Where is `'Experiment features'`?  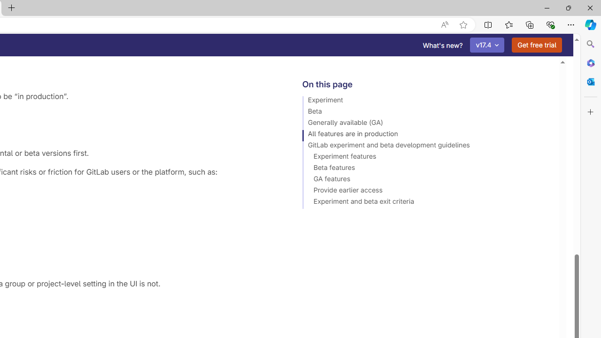
'Experiment features' is located at coordinates (426, 157).